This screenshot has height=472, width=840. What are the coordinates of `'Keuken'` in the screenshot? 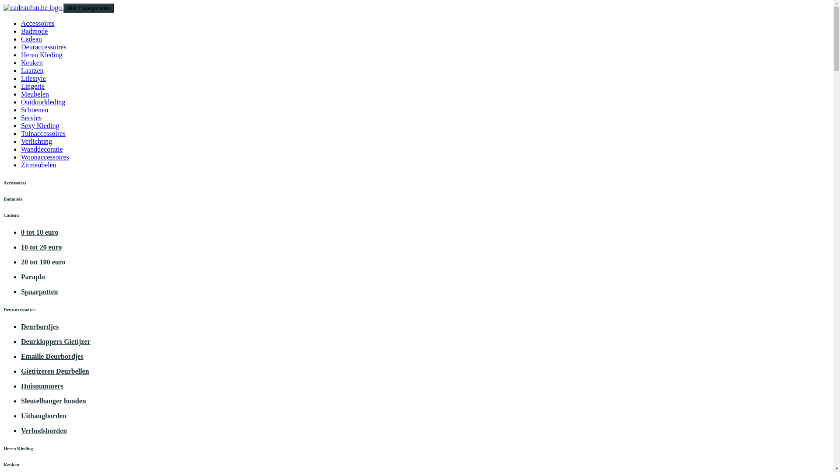 It's located at (21, 62).